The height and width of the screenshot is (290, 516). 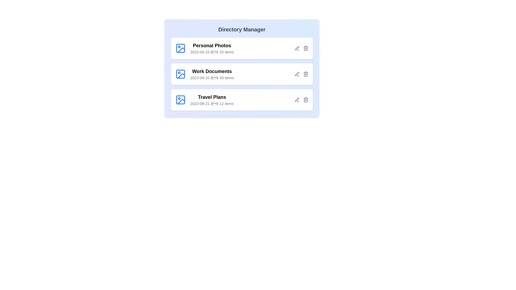 I want to click on the edit icon for the directory Travel Plans, so click(x=297, y=100).